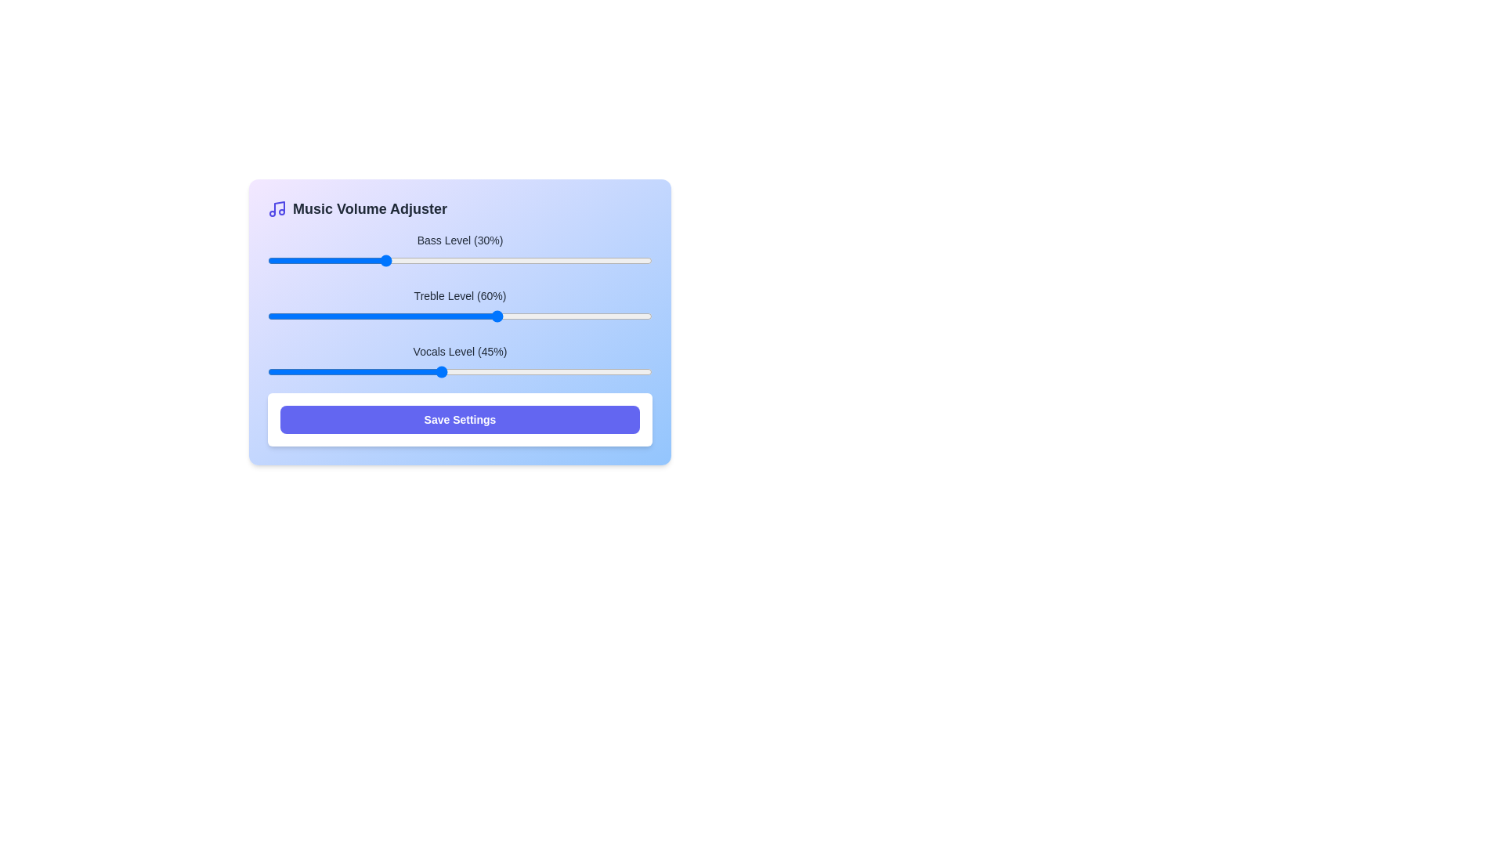  Describe the element at coordinates (582, 259) in the screenshot. I see `the bass level` at that location.